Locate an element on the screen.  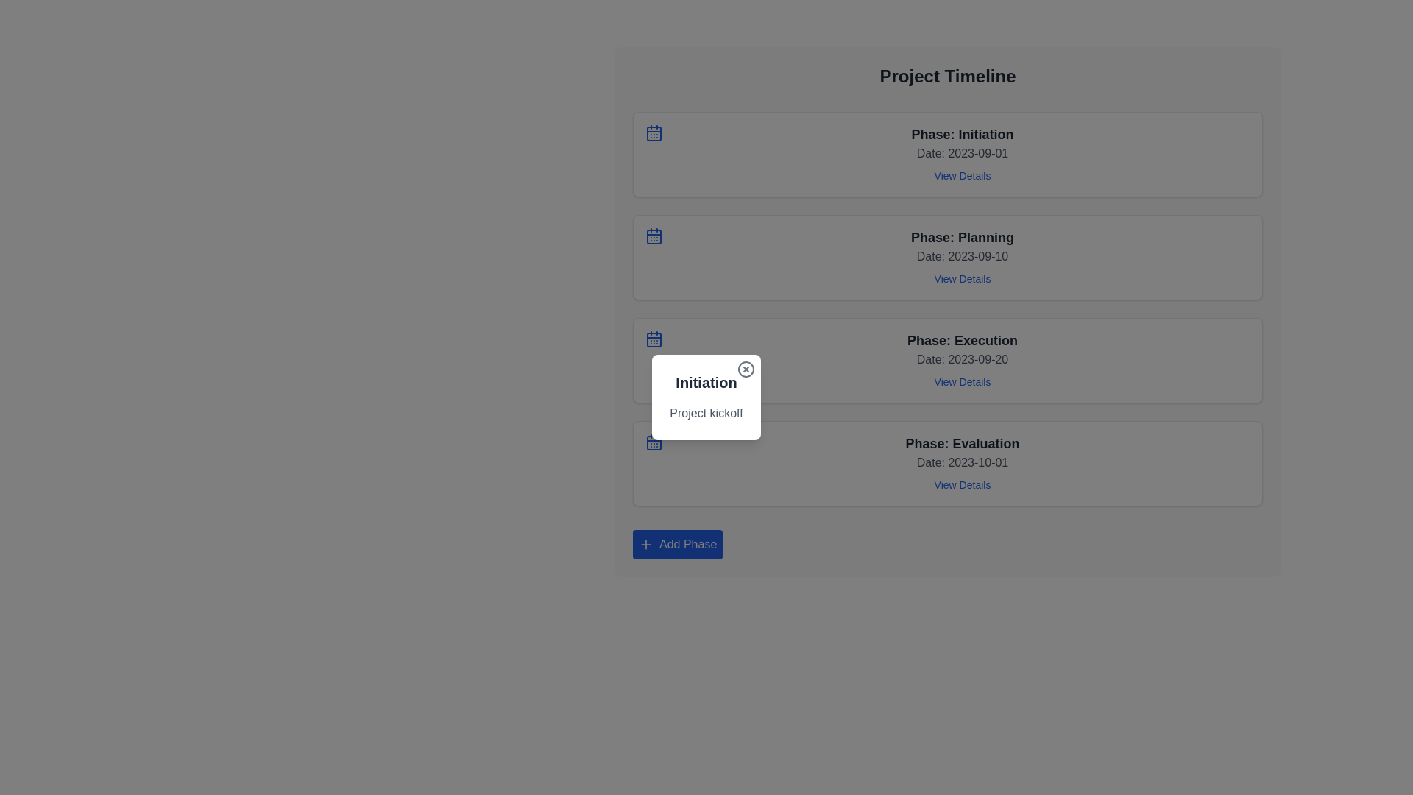
'Project kickoff' text label located at the bottom of the card below the 'Initiation' heading is located at coordinates (706, 414).